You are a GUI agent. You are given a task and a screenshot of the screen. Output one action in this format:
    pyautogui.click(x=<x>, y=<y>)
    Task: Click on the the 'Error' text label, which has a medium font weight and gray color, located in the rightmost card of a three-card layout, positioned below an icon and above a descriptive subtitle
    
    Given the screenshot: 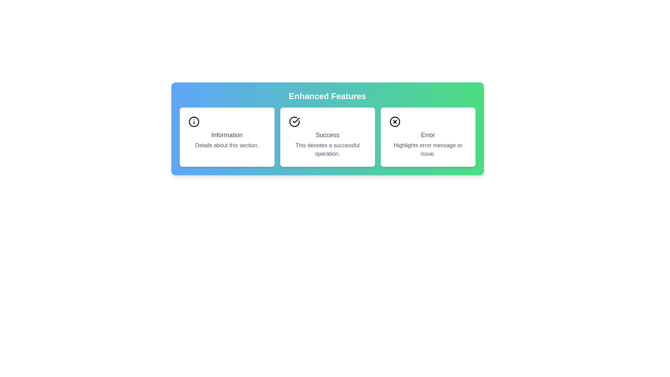 What is the action you would take?
    pyautogui.click(x=427, y=135)
    